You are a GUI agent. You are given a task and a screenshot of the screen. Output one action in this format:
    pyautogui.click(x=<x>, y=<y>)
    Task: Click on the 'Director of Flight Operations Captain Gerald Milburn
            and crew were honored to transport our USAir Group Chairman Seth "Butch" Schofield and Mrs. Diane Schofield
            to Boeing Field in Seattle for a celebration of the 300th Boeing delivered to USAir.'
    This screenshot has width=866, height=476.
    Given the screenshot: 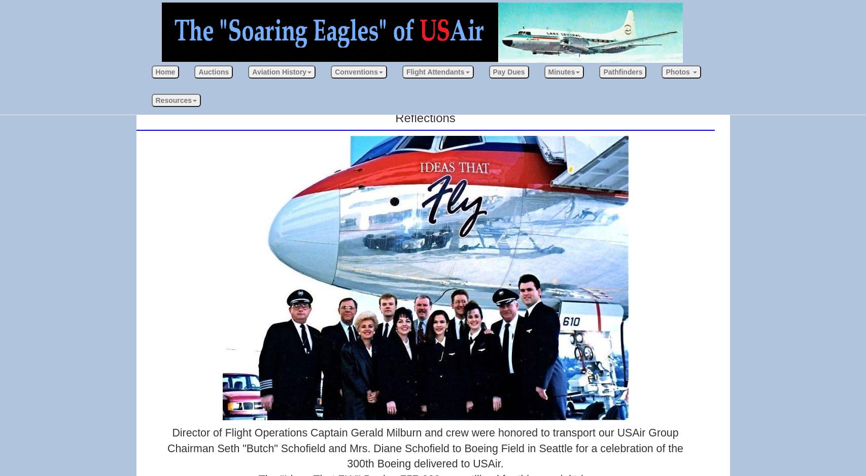 What is the action you would take?
    pyautogui.click(x=425, y=448)
    